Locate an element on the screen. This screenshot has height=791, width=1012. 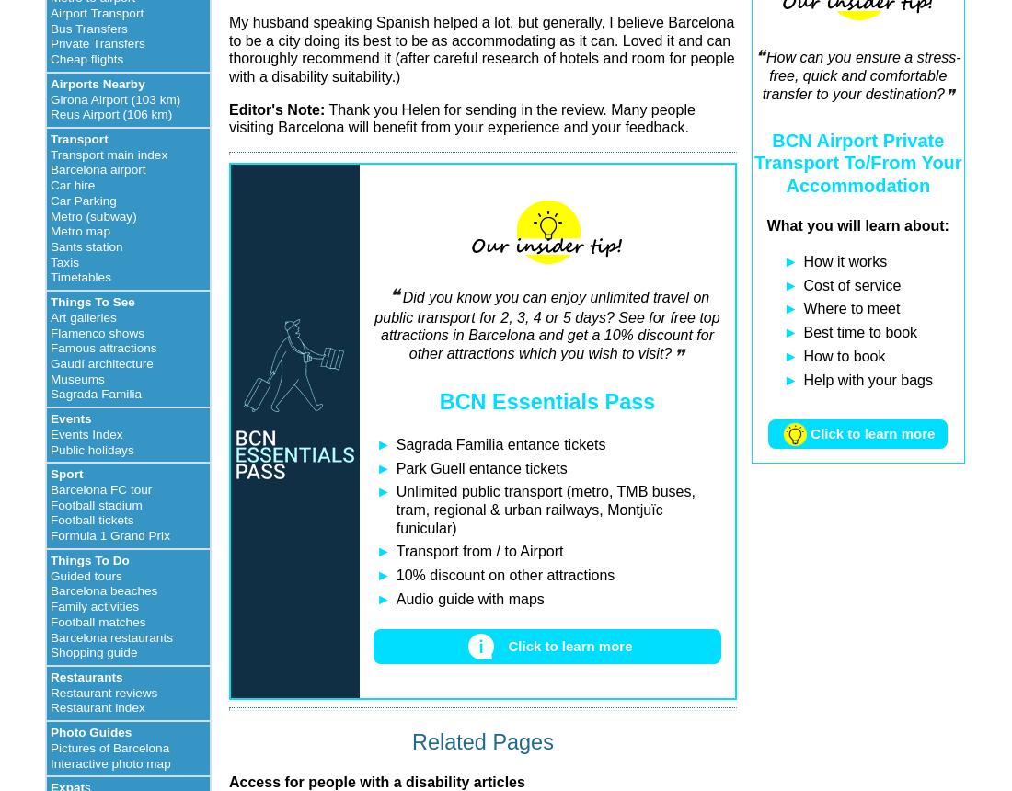
'Barcelona FC tour' is located at coordinates (101, 488).